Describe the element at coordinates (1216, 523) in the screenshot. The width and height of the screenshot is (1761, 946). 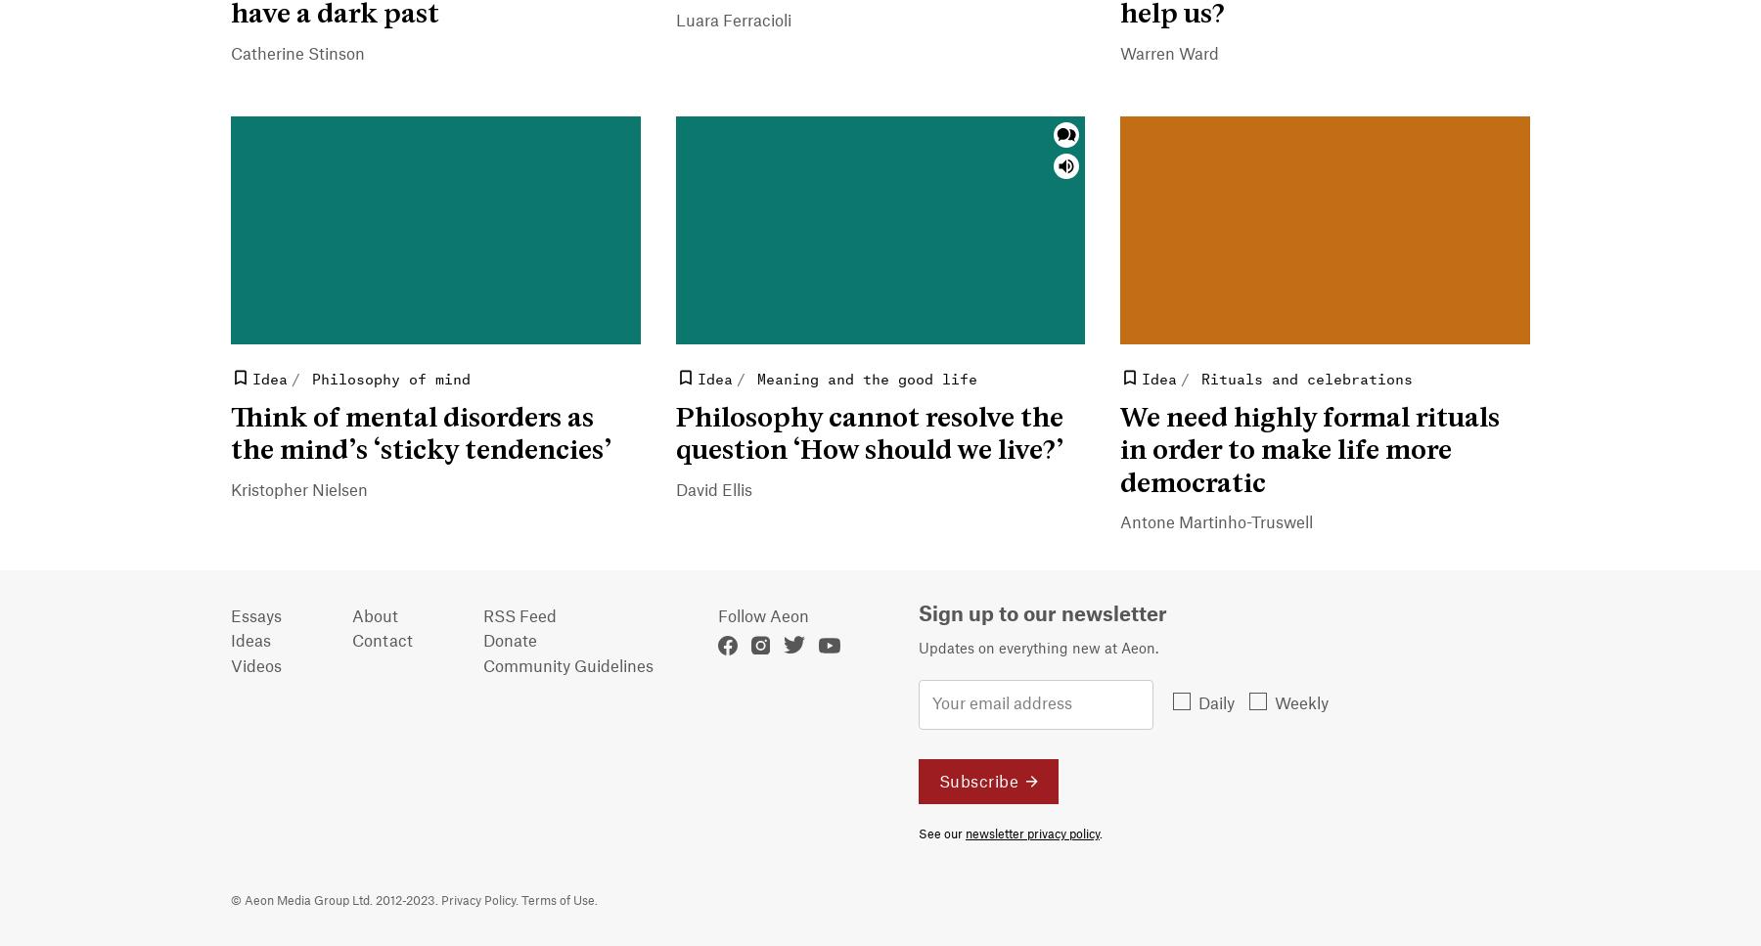
I see `'Antone Martinho-Truswell'` at that location.